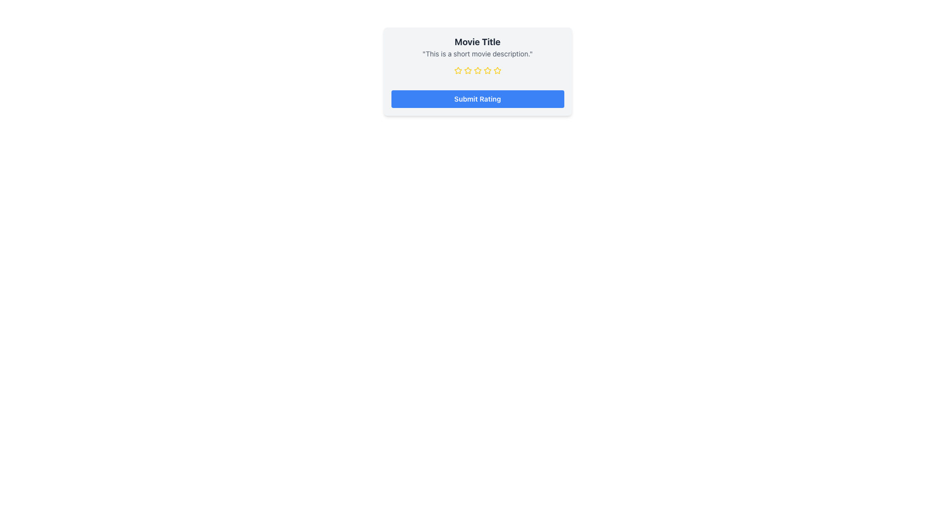 The height and width of the screenshot is (530, 943). What do you see at coordinates (477, 54) in the screenshot?
I see `the text snippet reading 'This is a short movie description.' which is styled with a smaller font size and grey color, located in the content area of a card layout directly below the 'Movie Title' heading` at bounding box center [477, 54].